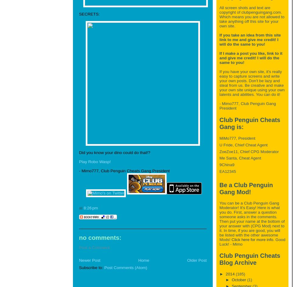 This screenshot has height=287, width=293. I want to click on 'Club Penguin Cheats Blog Archive', so click(219, 259).